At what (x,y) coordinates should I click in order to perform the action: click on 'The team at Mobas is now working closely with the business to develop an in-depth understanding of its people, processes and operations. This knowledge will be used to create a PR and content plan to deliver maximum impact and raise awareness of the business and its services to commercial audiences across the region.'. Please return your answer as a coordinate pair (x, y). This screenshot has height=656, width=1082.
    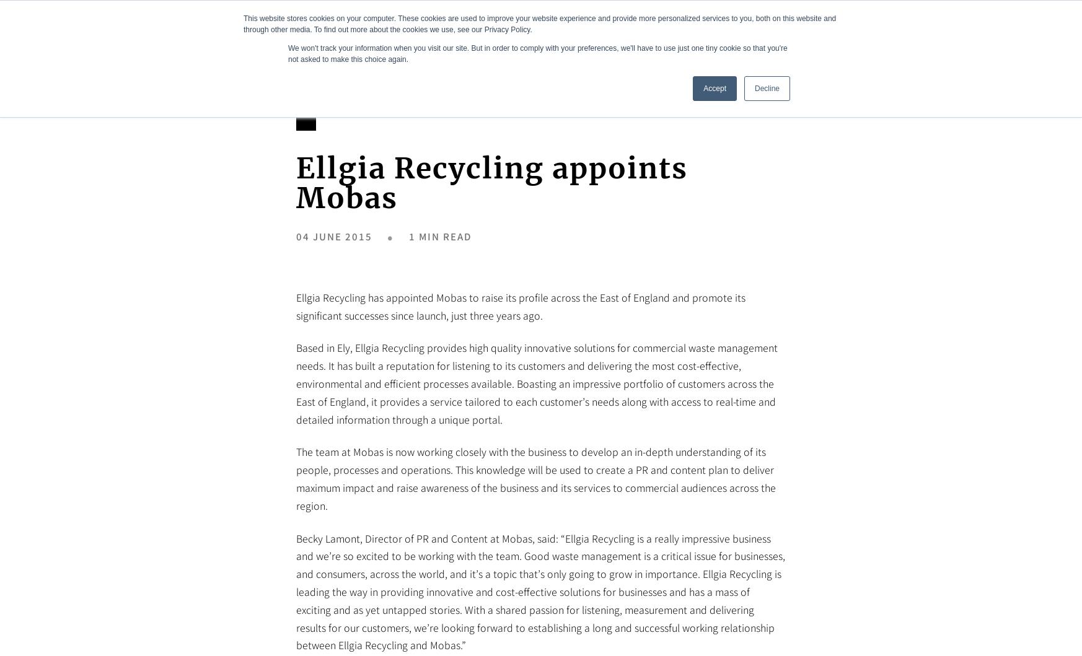
    Looking at the image, I should click on (535, 478).